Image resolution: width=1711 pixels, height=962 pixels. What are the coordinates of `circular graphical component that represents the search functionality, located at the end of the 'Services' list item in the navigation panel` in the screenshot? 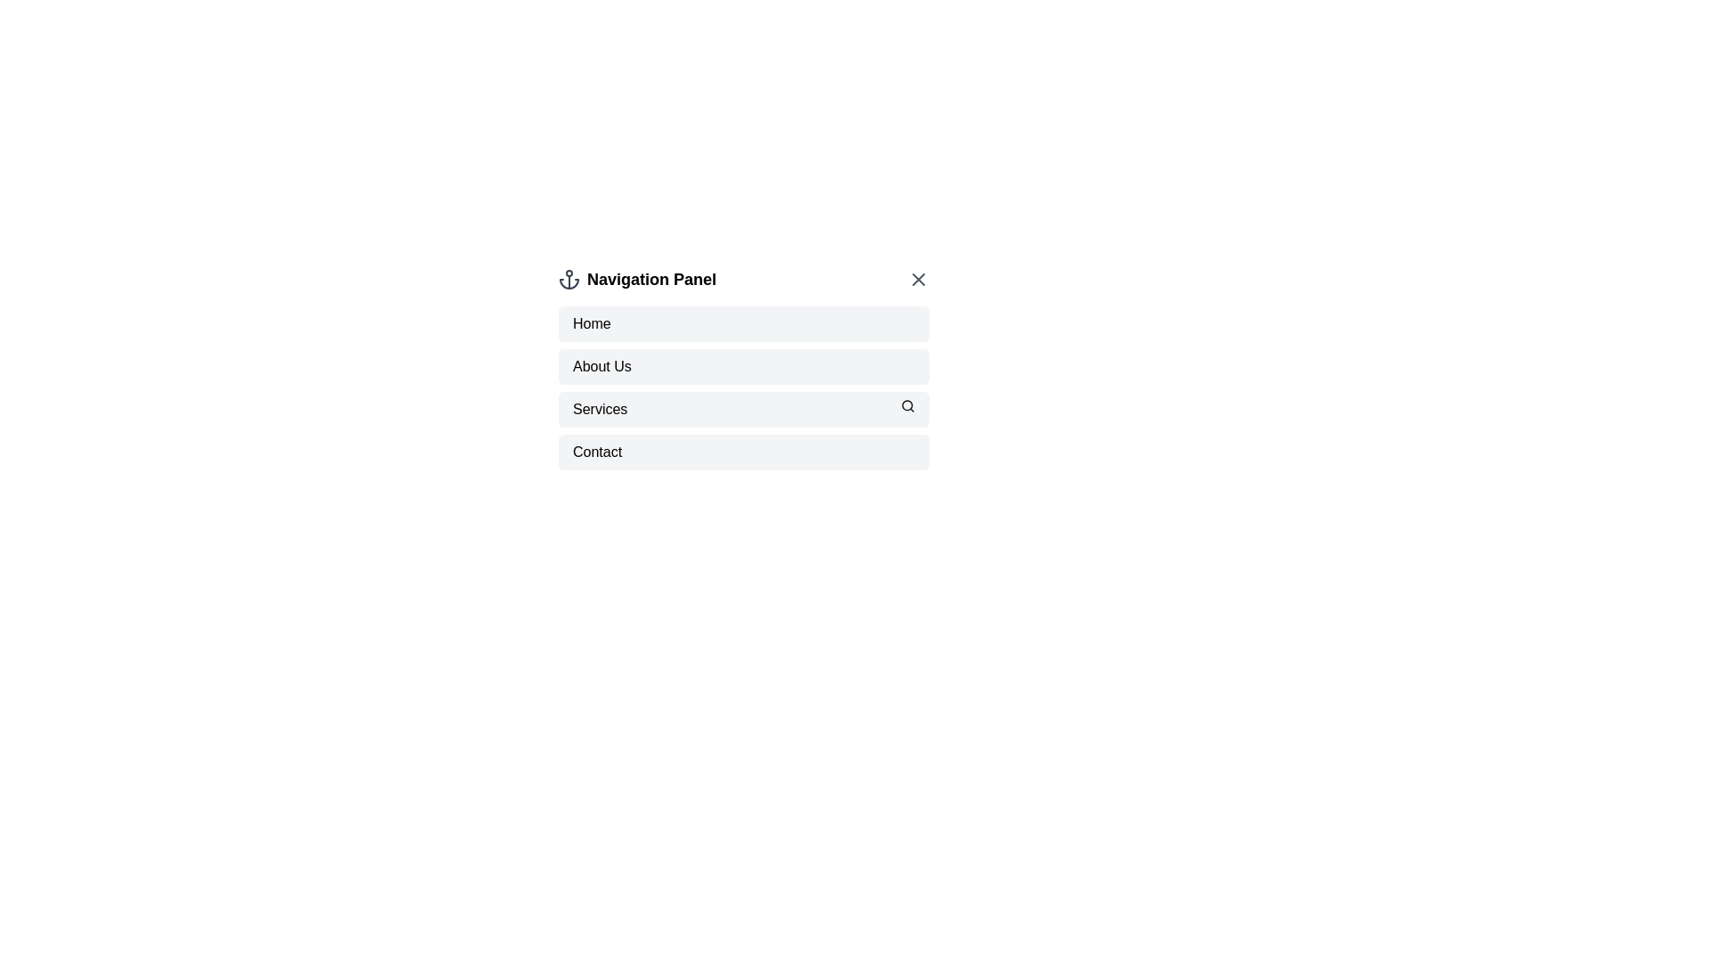 It's located at (907, 405).